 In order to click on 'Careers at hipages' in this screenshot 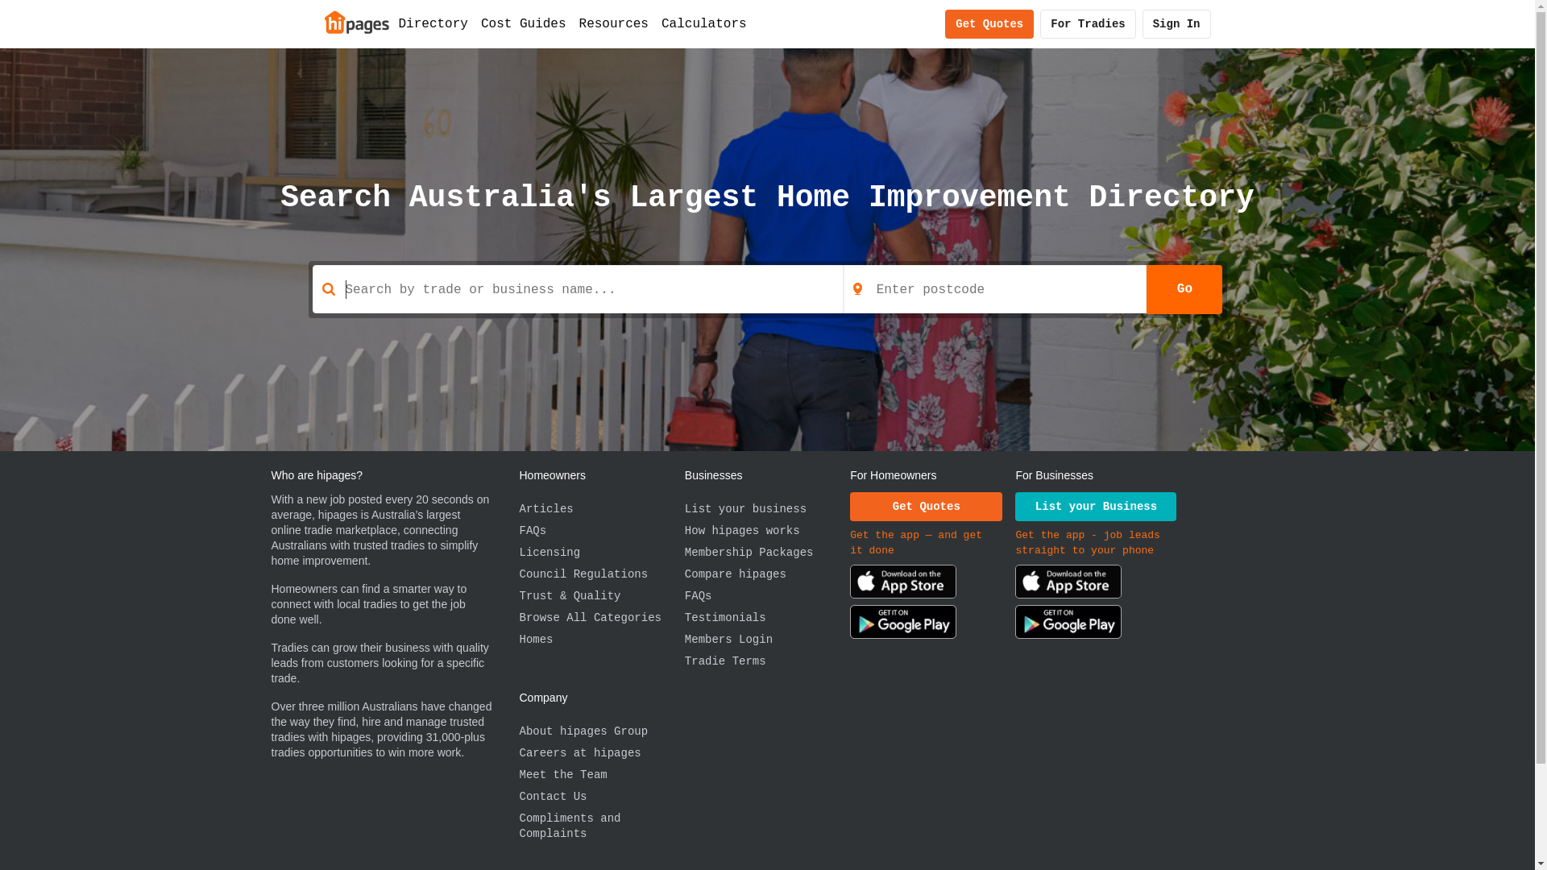, I will do `click(600, 753)`.